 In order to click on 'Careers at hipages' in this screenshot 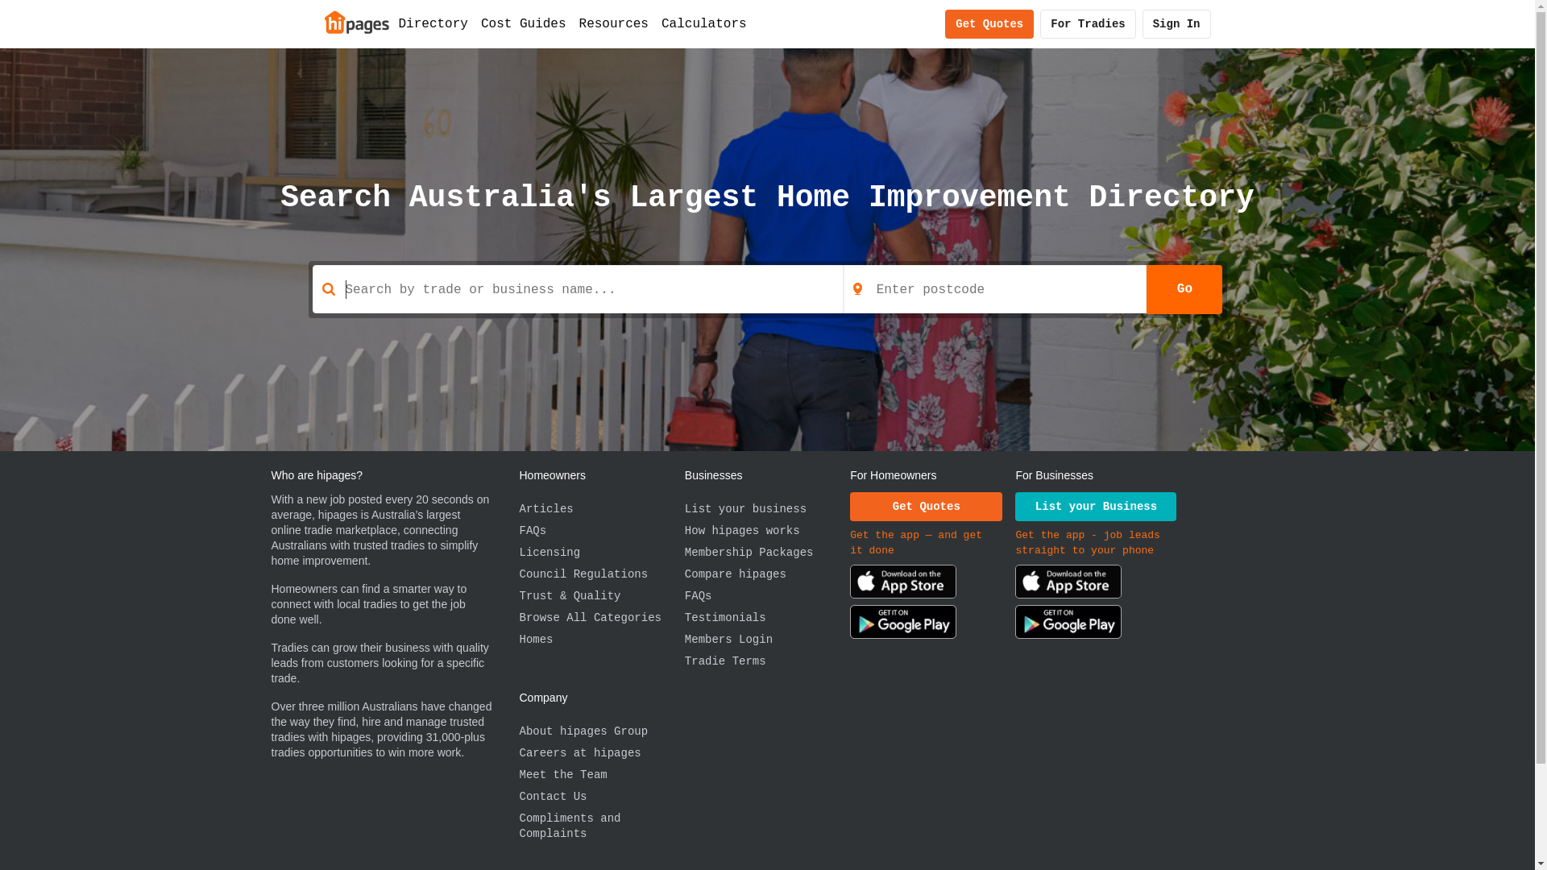, I will do `click(600, 753)`.